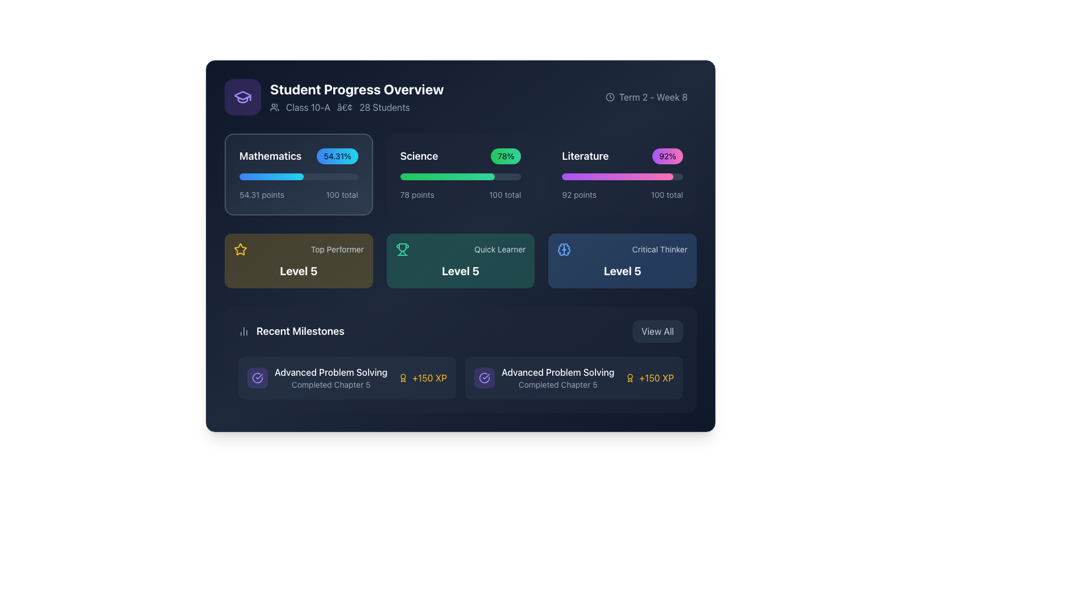 The image size is (1092, 614). Describe the element at coordinates (656, 377) in the screenshot. I see `the content of the text display showing '+150 XP' in a bold, amber-colored font, located in the 'Recent Milestones' section next to an award medal icon` at that location.